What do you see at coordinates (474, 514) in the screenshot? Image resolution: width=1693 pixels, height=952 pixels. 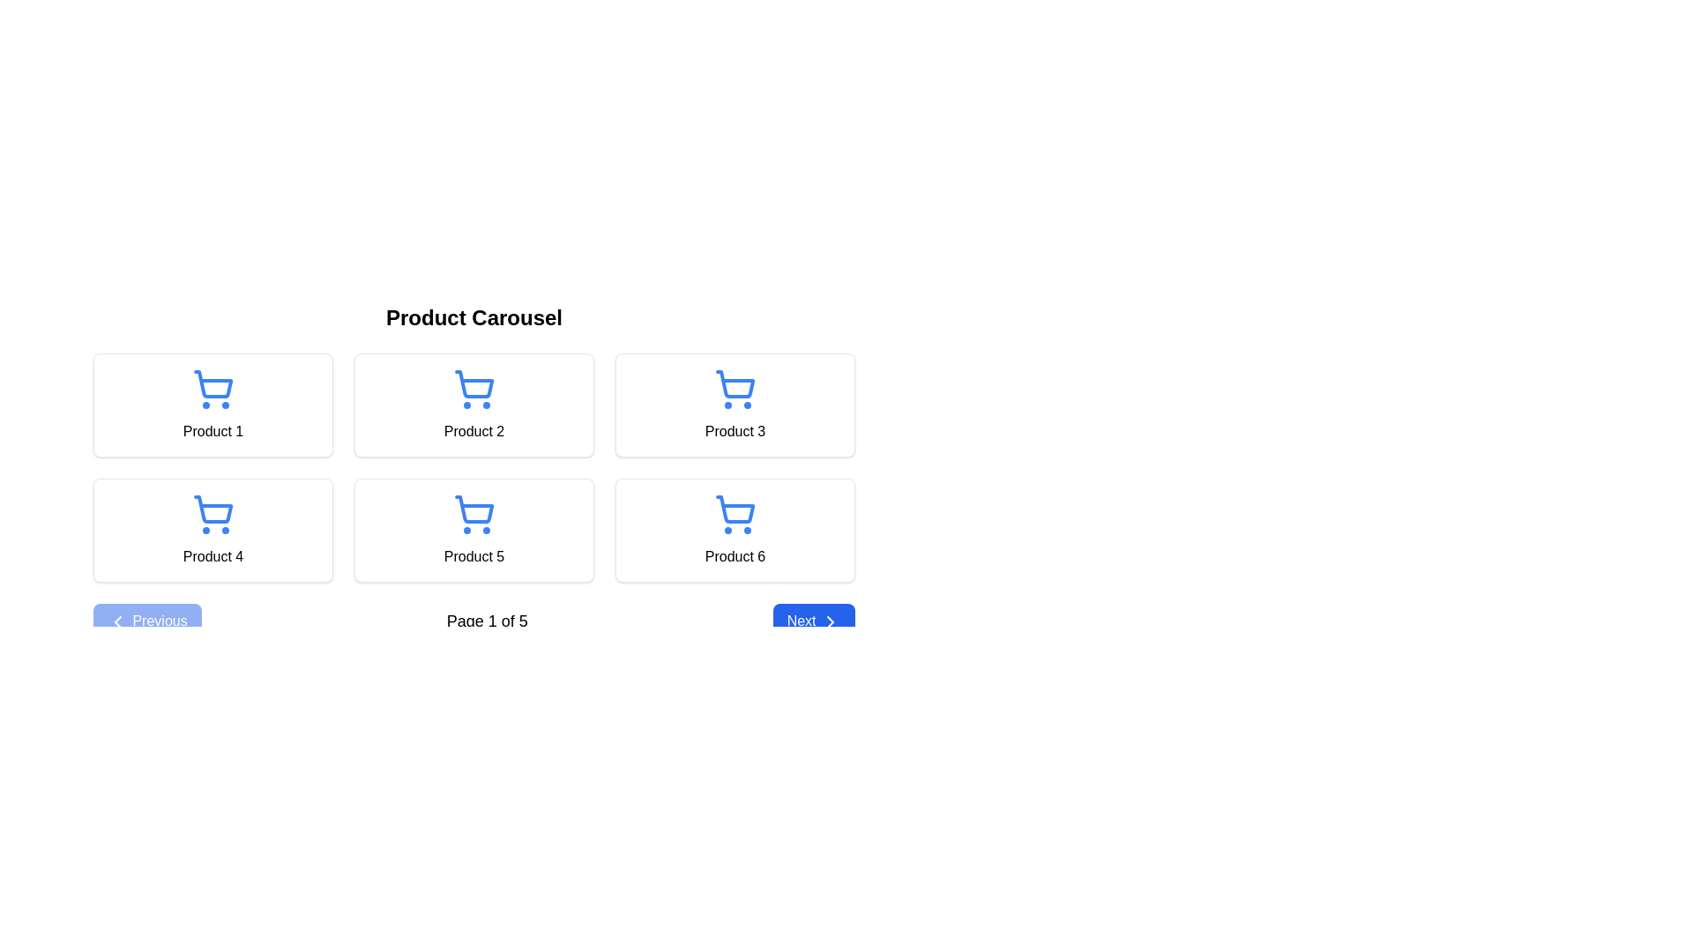 I see `the shopping cart icon, which is a blue outline of a cart with two wheels, positioned above the label 'Product 5' in the second row of the grid layout` at bounding box center [474, 514].